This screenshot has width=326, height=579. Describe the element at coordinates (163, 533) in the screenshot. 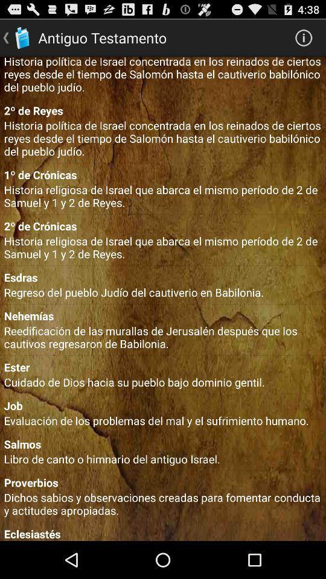

I see `the app below dichos sabios y item` at that location.